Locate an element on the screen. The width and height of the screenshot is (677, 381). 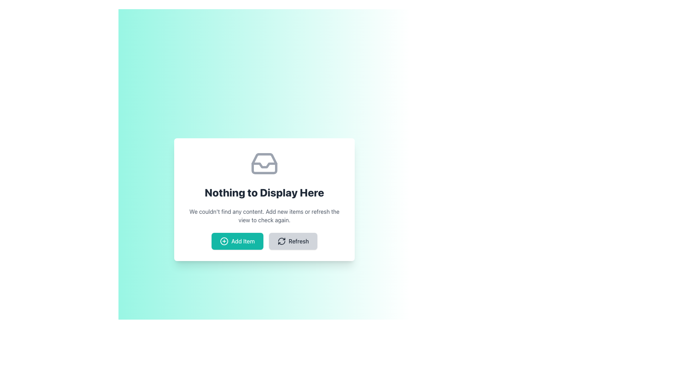
the refresh icon located within the 'Refresh' button to reload or update content is located at coordinates (281, 241).